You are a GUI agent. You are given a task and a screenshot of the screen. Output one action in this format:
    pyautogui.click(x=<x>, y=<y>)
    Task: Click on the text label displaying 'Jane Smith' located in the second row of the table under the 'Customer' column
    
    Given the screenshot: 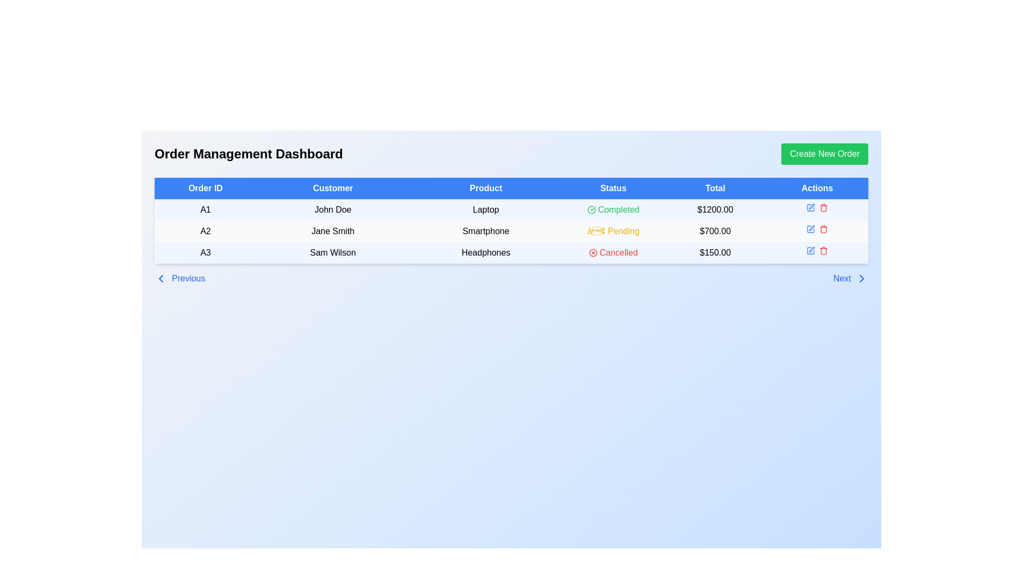 What is the action you would take?
    pyautogui.click(x=332, y=231)
    